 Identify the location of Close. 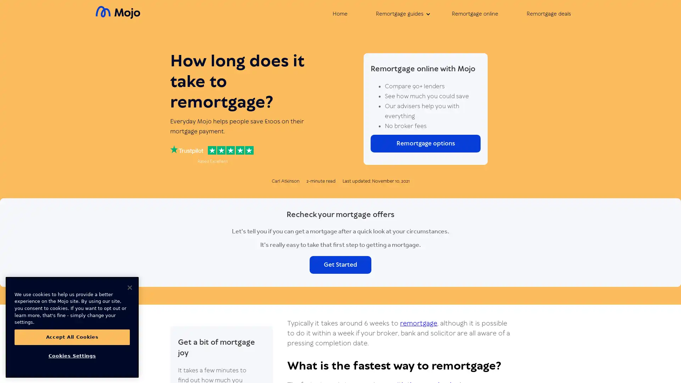
(129, 287).